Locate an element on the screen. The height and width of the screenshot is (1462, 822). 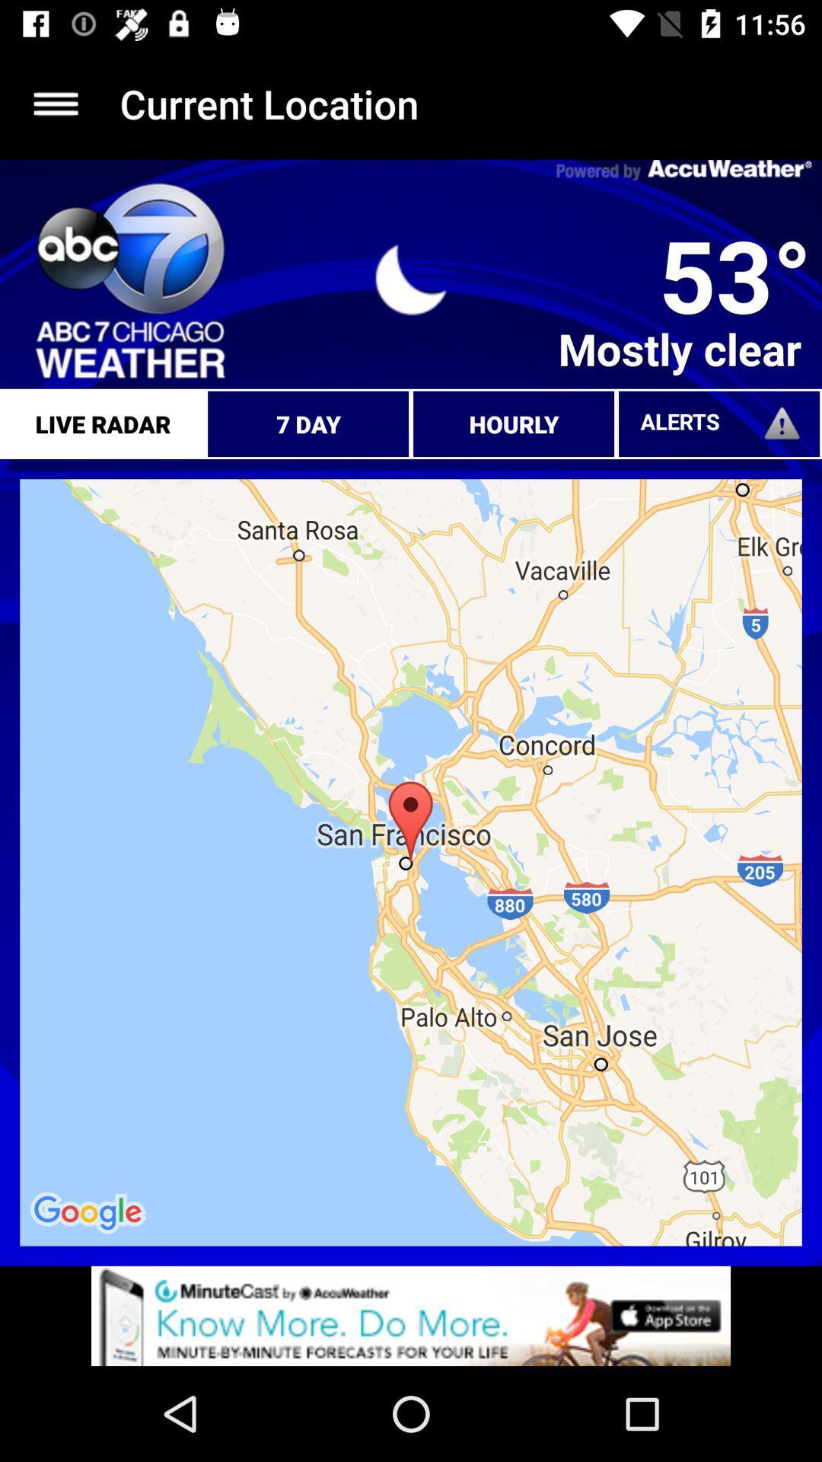
the menu icon is located at coordinates (55, 103).